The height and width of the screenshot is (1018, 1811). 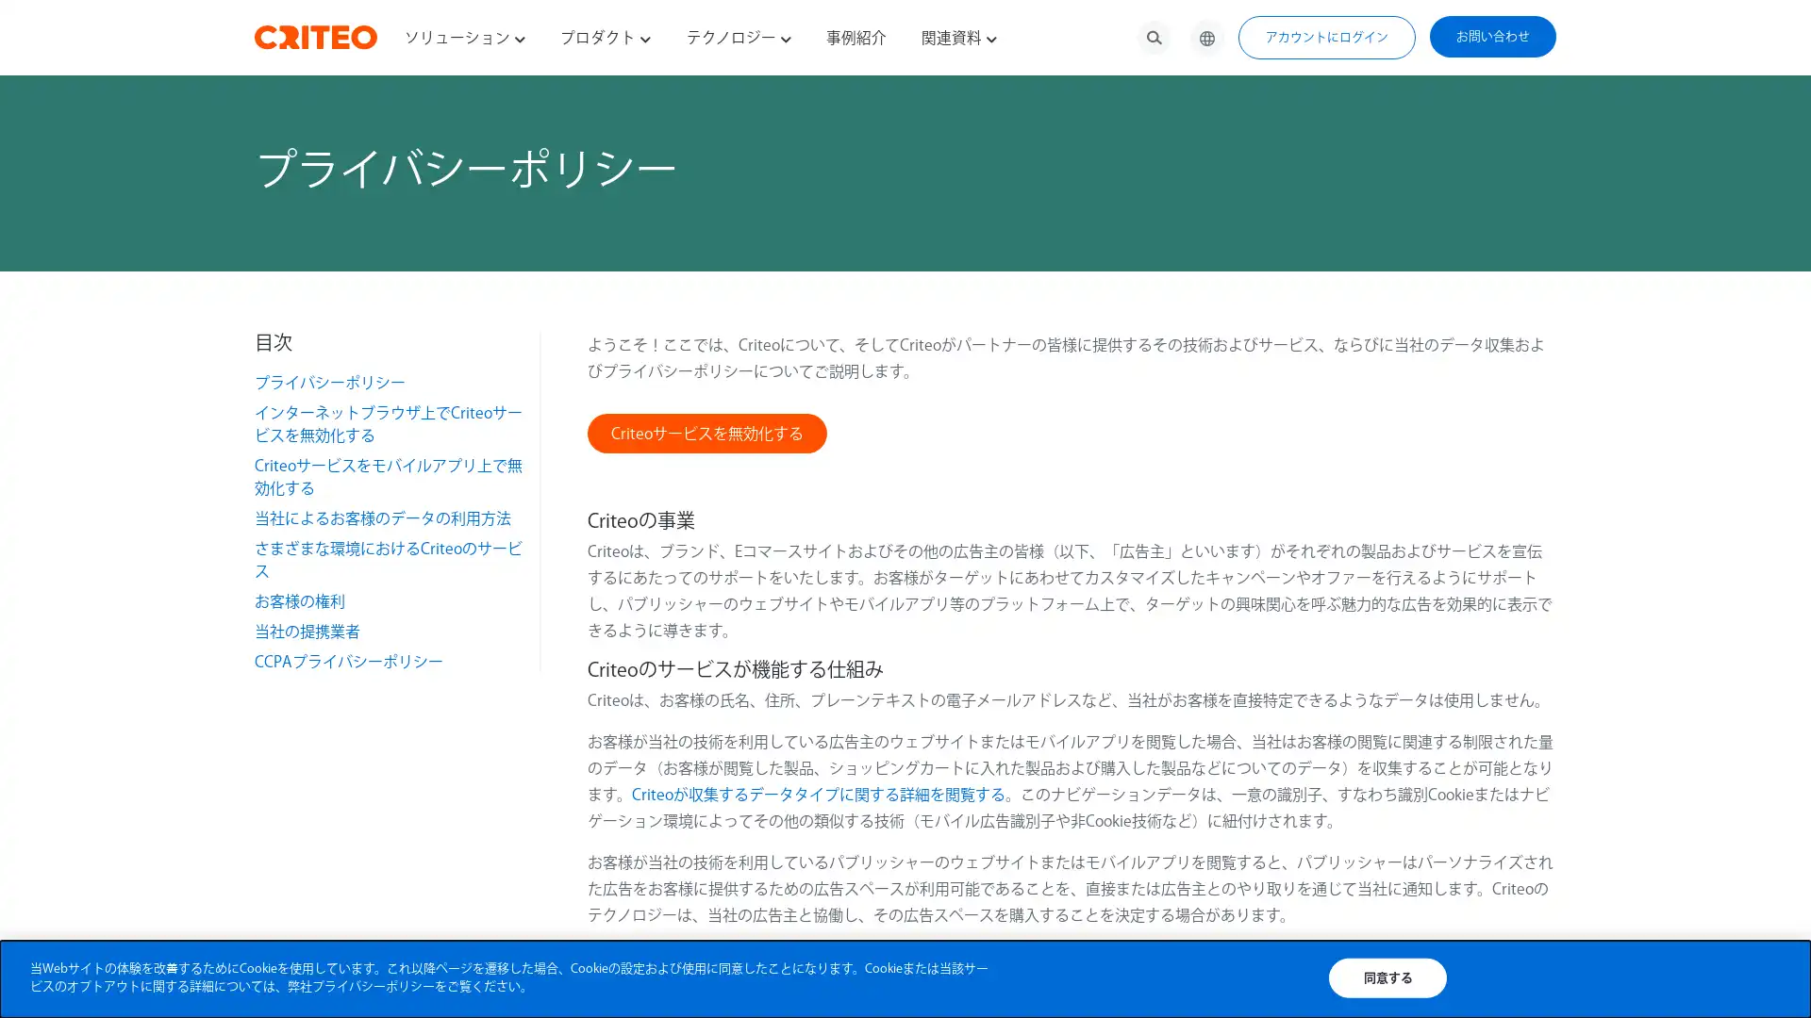 I want to click on Criteo, so click(x=705, y=433).